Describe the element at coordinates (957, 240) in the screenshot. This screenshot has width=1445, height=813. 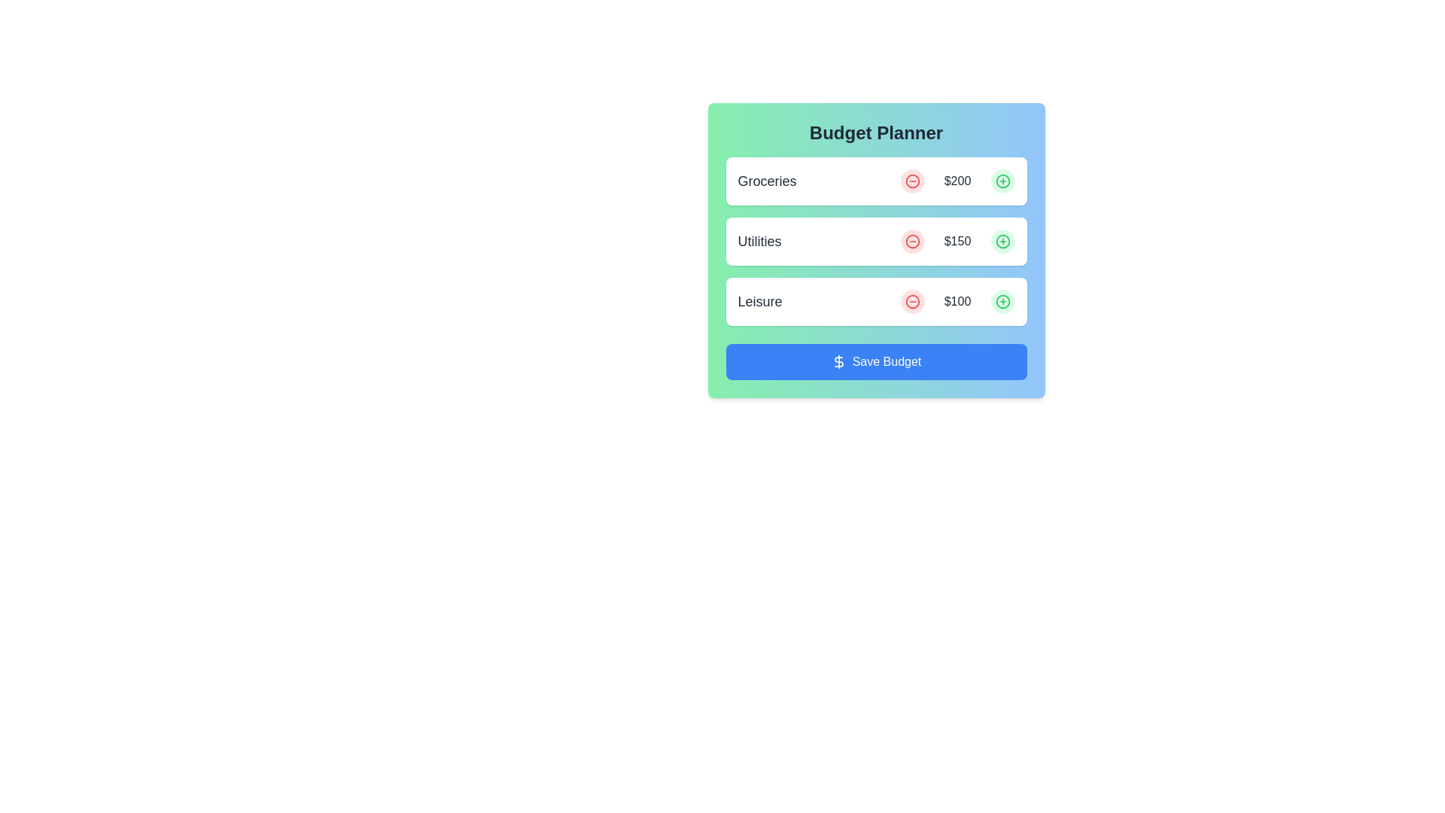
I see `the text label displaying the monetary value of "$150", which is located in the second row of the list layout under the "Budget Planner" heading, positioned between a red circular button and a green circular button` at that location.